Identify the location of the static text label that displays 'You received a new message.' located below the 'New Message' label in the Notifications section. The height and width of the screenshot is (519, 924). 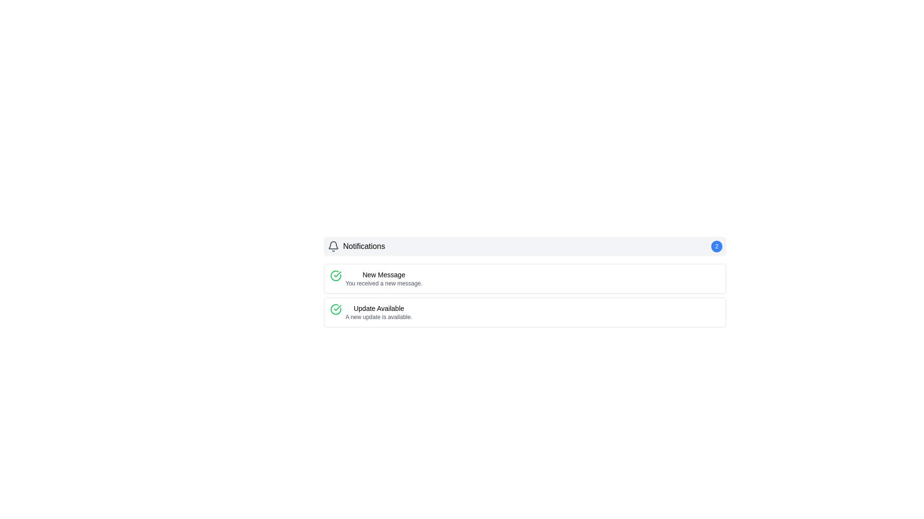
(383, 283).